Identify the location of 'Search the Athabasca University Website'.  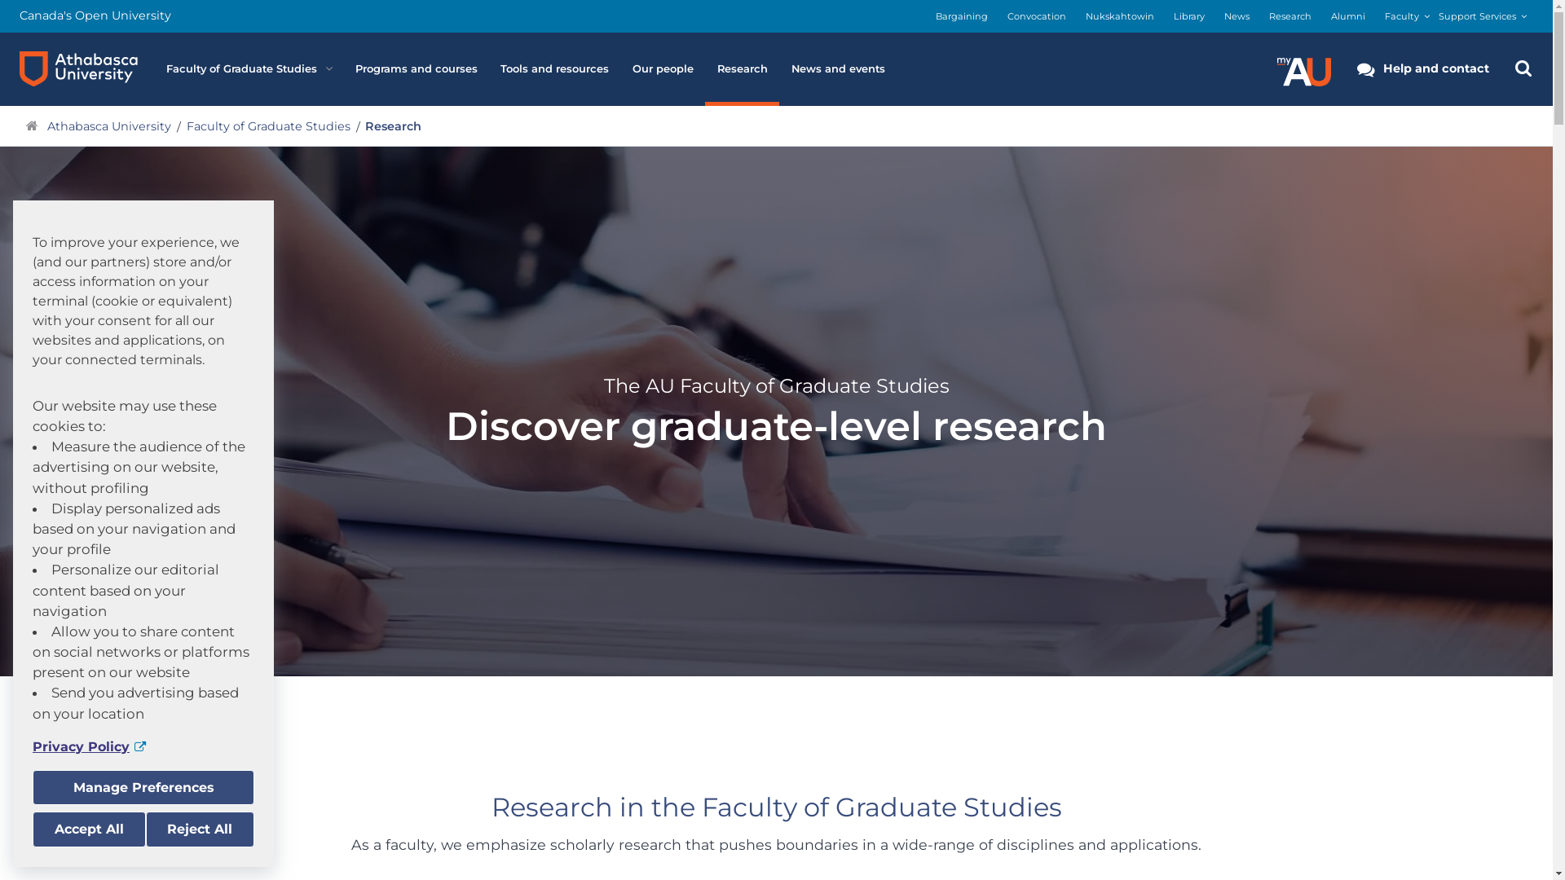
(1522, 68).